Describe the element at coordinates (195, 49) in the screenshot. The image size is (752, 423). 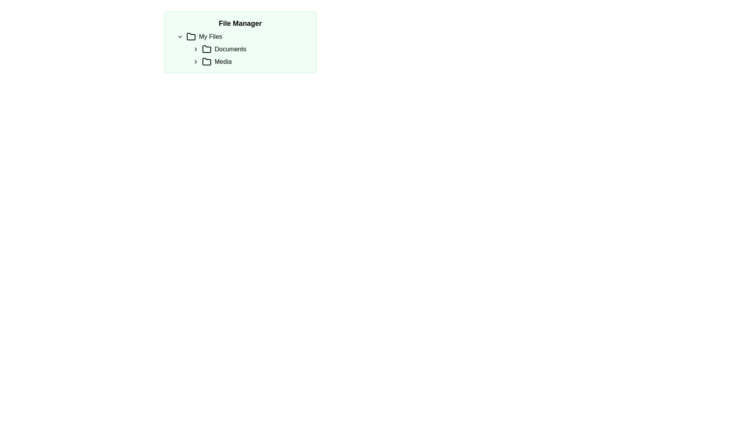
I see `the Button-like SVG icon` at that location.